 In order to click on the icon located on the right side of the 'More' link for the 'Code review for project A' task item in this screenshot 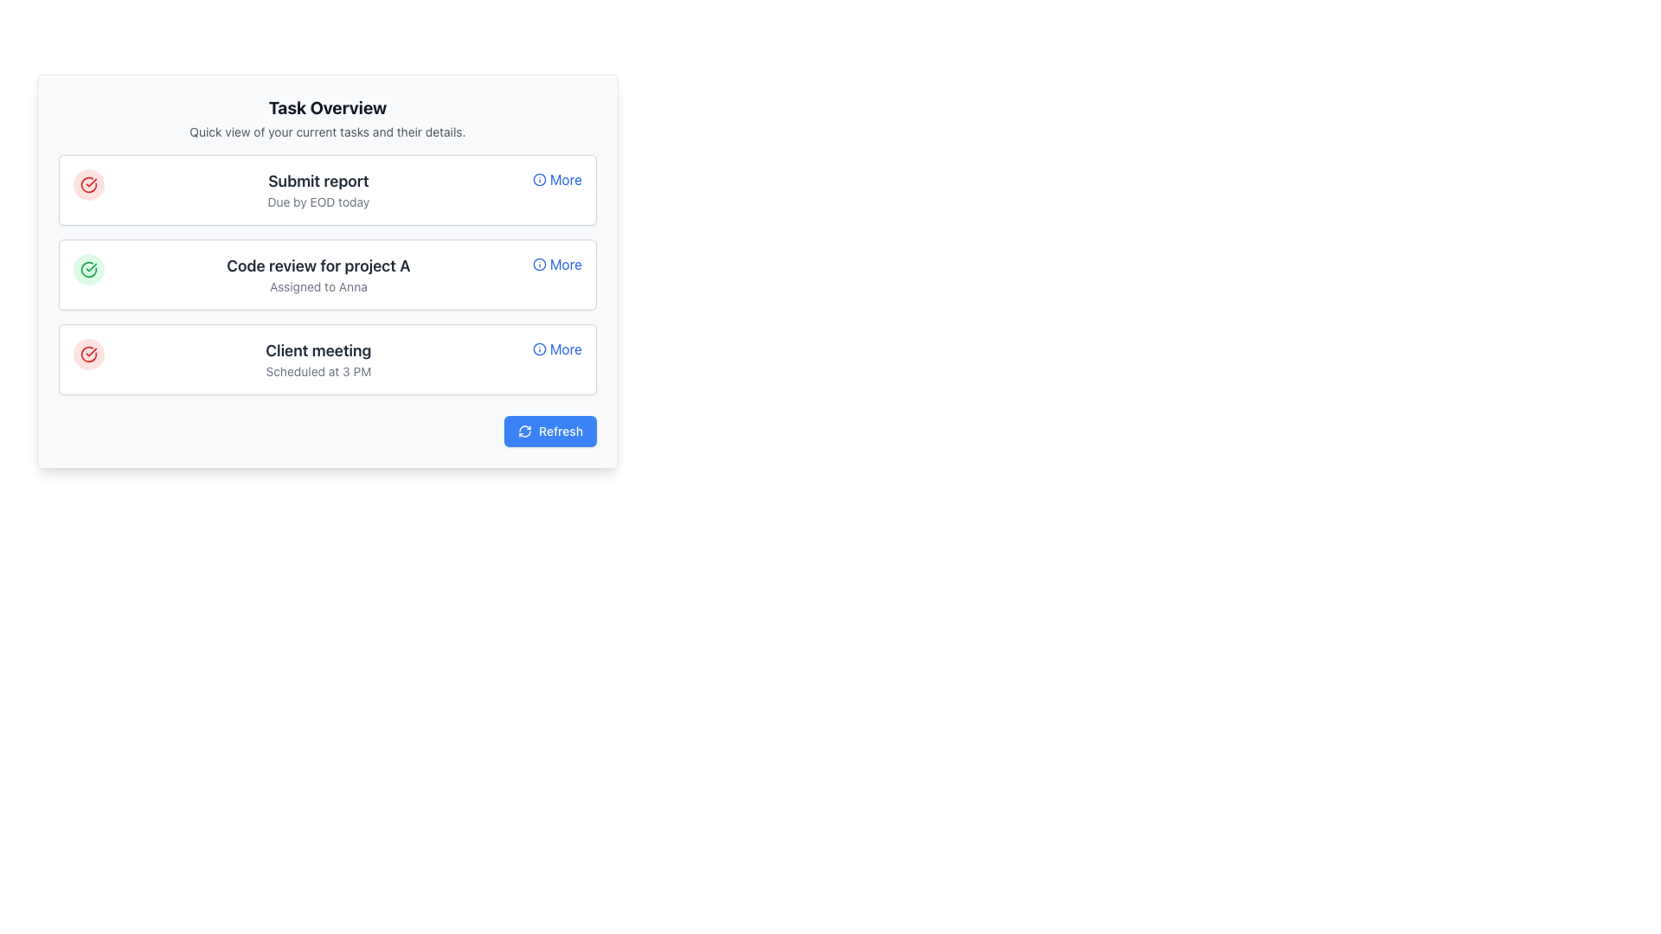, I will do `click(538, 264)`.